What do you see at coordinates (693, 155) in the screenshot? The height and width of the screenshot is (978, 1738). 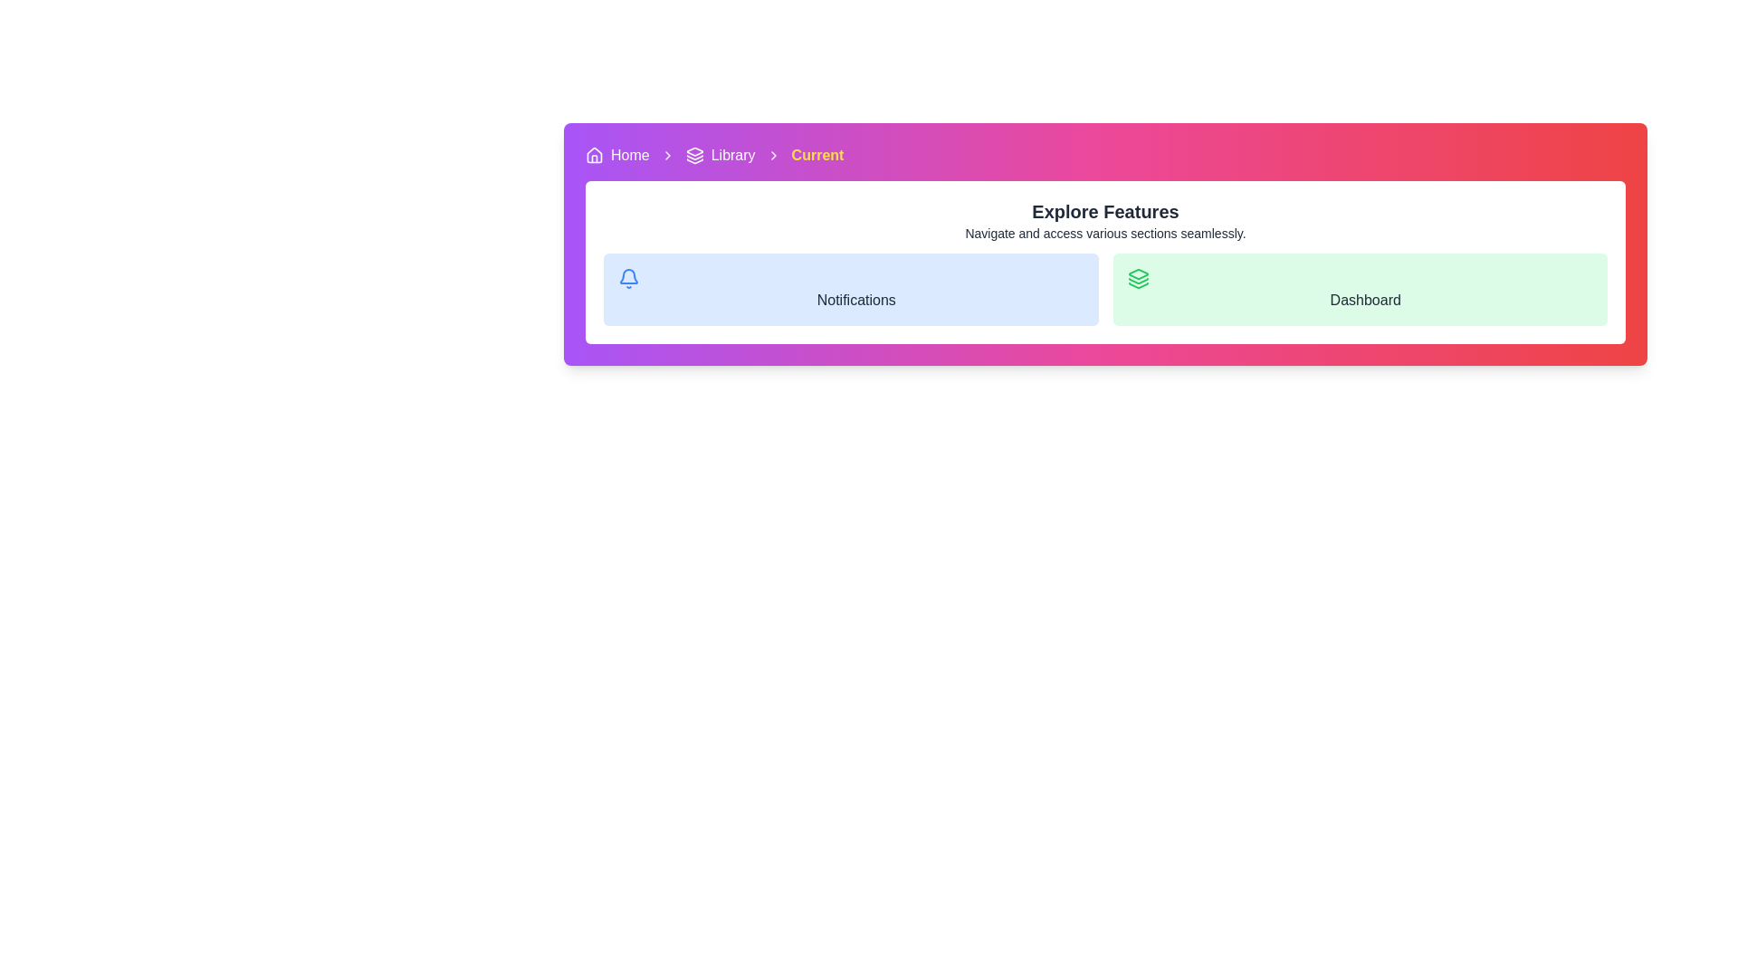 I see `the decorative icon representing the 'Library' feature, which is located to the left of the text link in the navigation bar` at bounding box center [693, 155].